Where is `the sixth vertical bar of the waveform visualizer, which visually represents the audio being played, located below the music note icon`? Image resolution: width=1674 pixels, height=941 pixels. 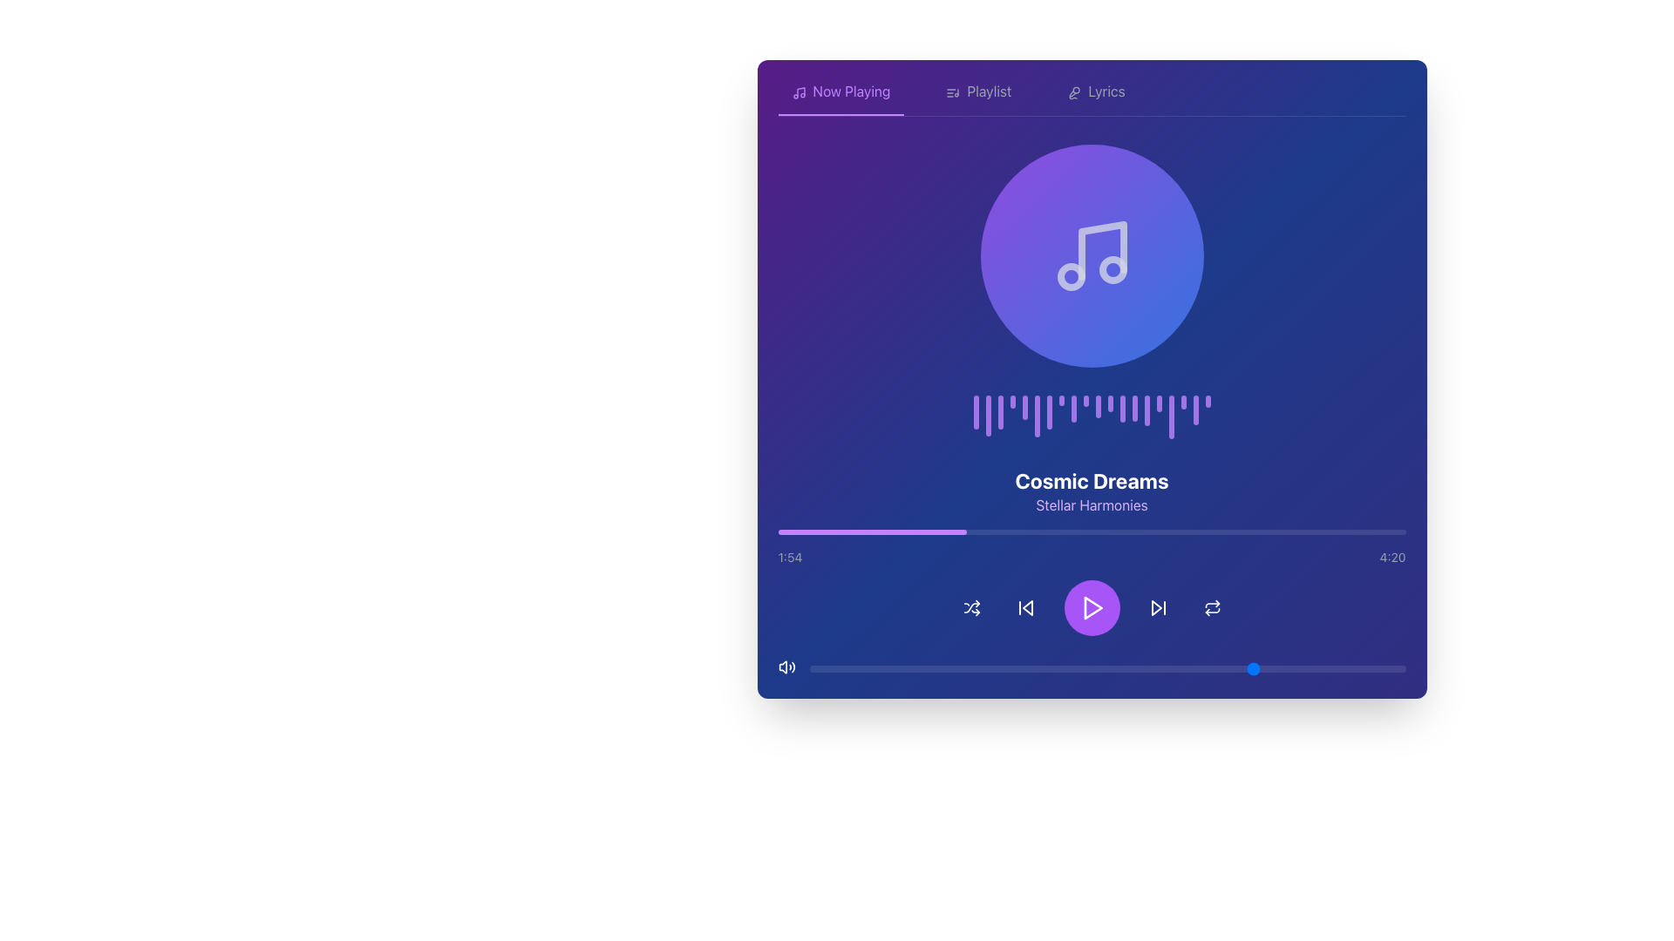
the sixth vertical bar of the waveform visualizer, which visually represents the audio being played, located below the music note icon is located at coordinates (1037, 416).